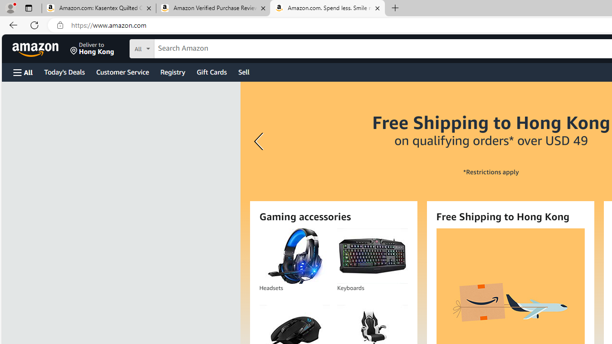 Image resolution: width=612 pixels, height=344 pixels. What do you see at coordinates (23, 72) in the screenshot?
I see `'Open Menu'` at bounding box center [23, 72].